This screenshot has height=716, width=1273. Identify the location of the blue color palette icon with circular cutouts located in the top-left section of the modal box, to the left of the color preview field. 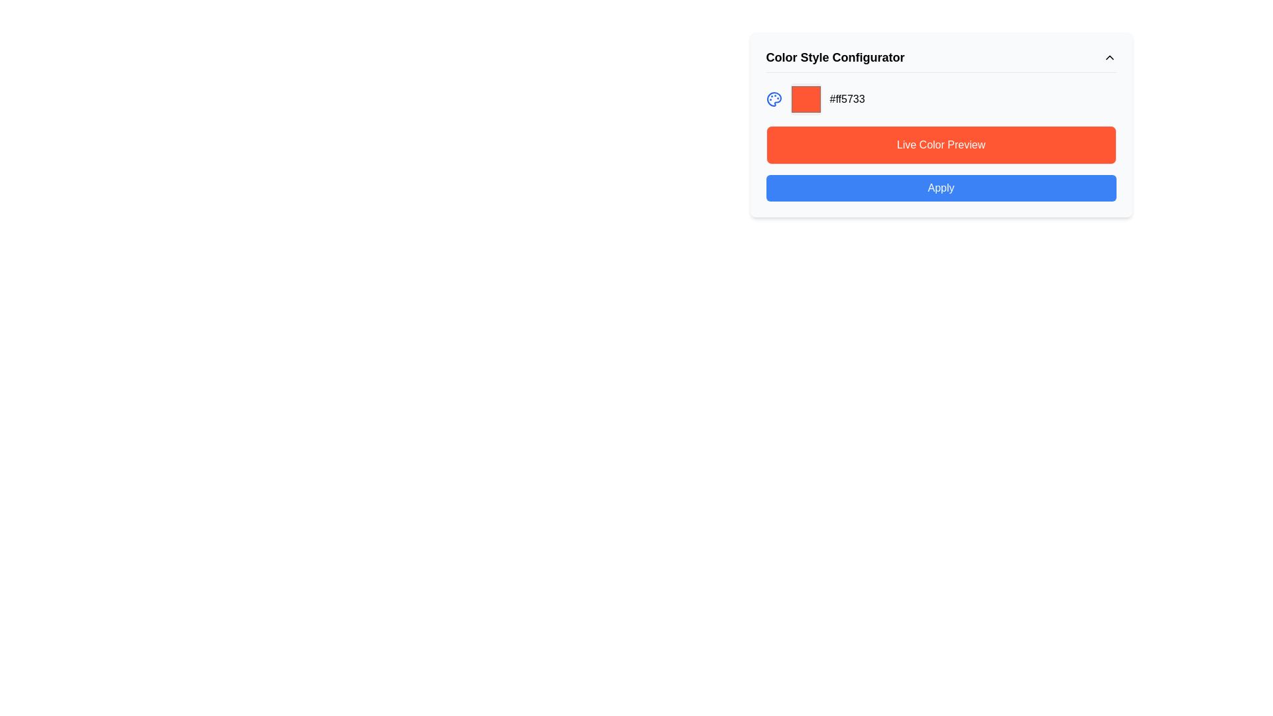
(774, 99).